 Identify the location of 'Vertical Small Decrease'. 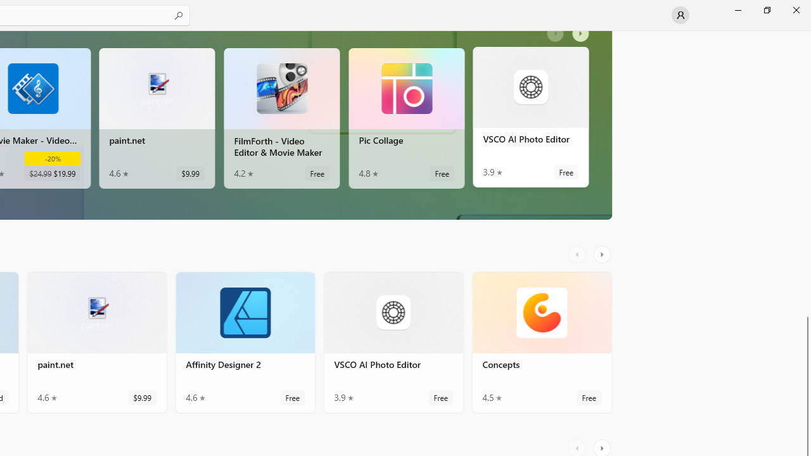
(805, 34).